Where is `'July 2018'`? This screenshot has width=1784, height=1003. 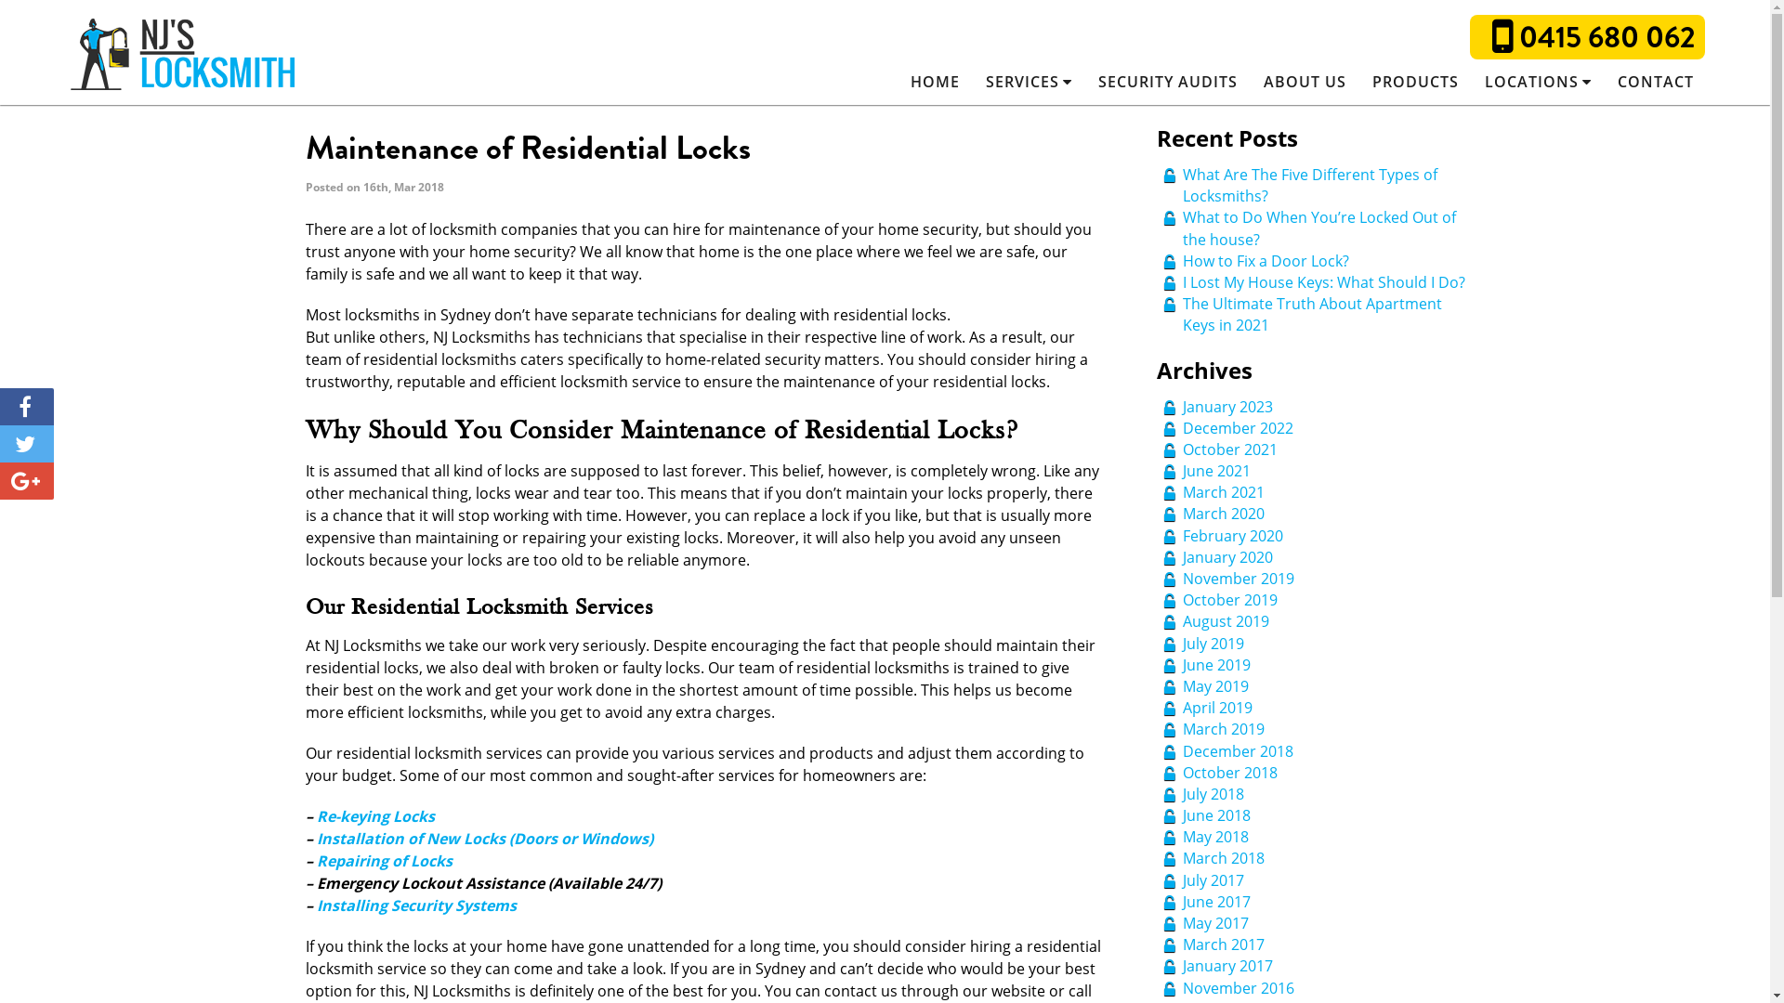 'July 2018' is located at coordinates (1213, 794).